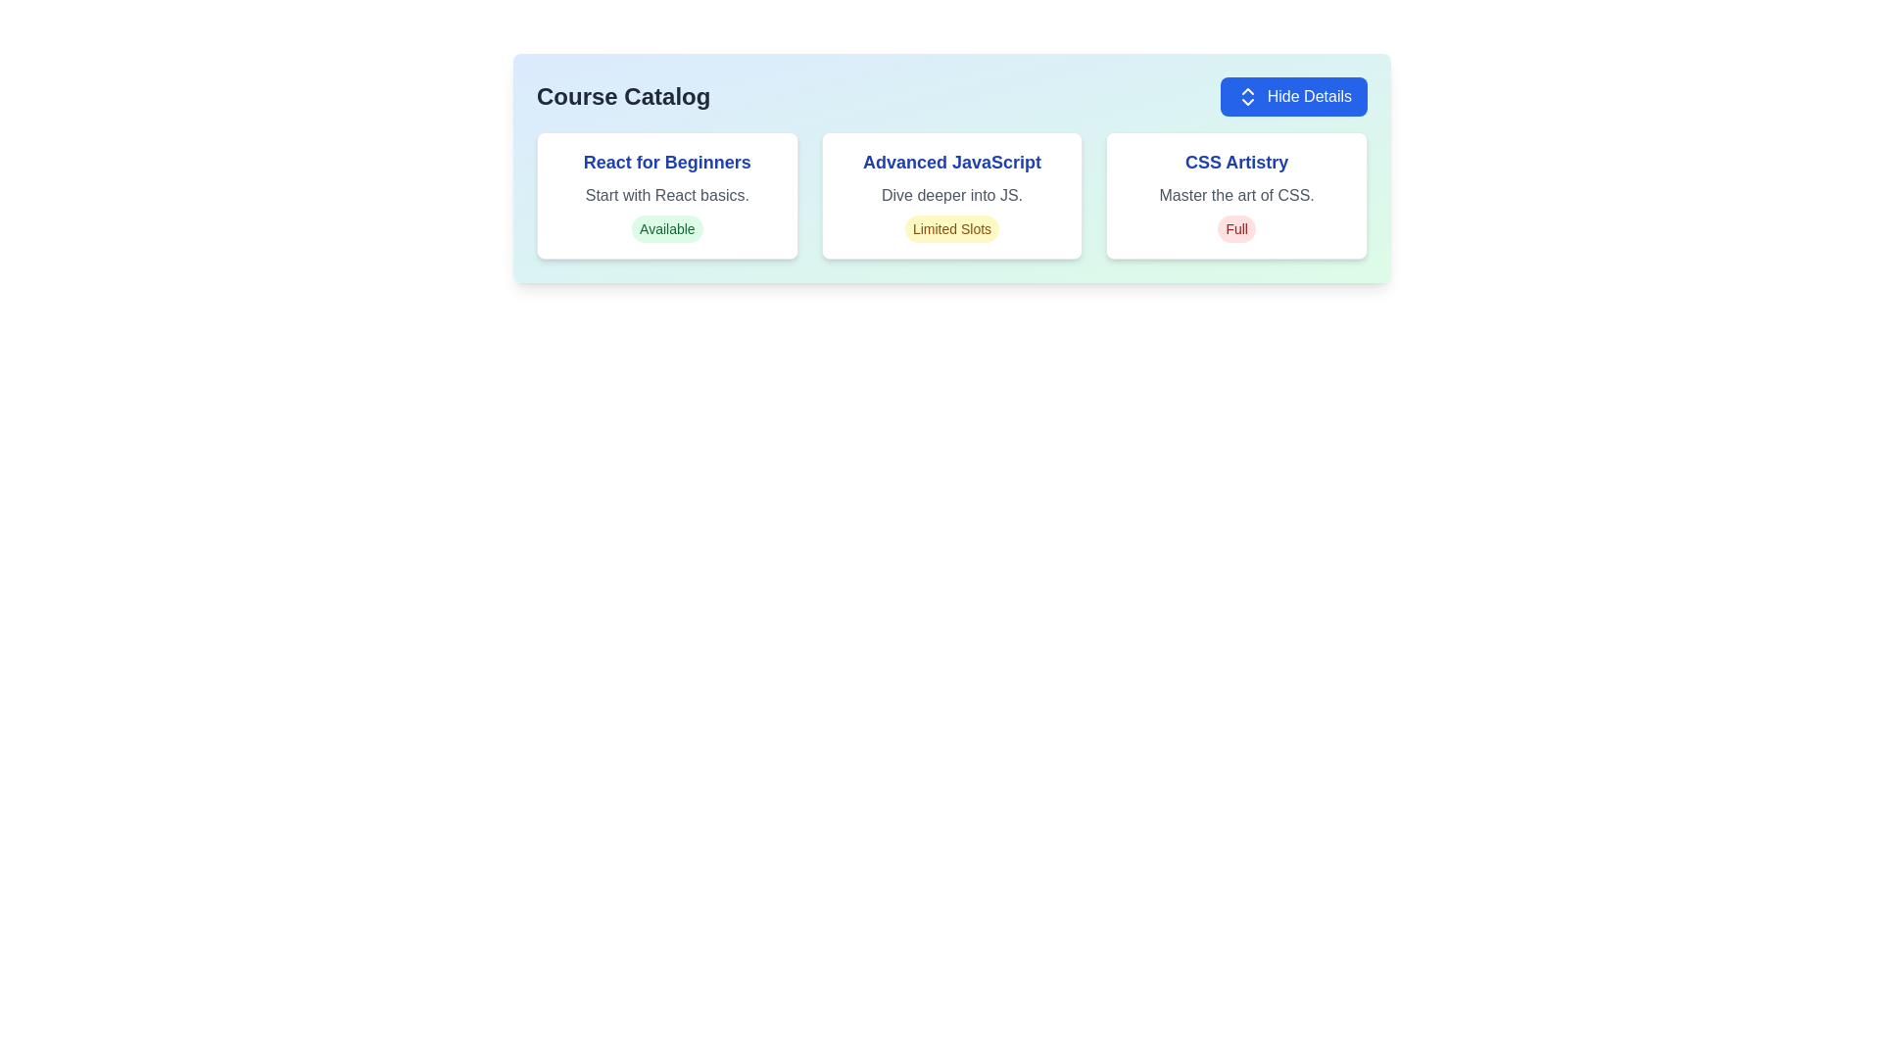  What do you see at coordinates (667, 196) in the screenshot?
I see `the text label that says 'Start with React basics.' located under the bold blue title 'React for Beginners' within a white rectangular card` at bounding box center [667, 196].